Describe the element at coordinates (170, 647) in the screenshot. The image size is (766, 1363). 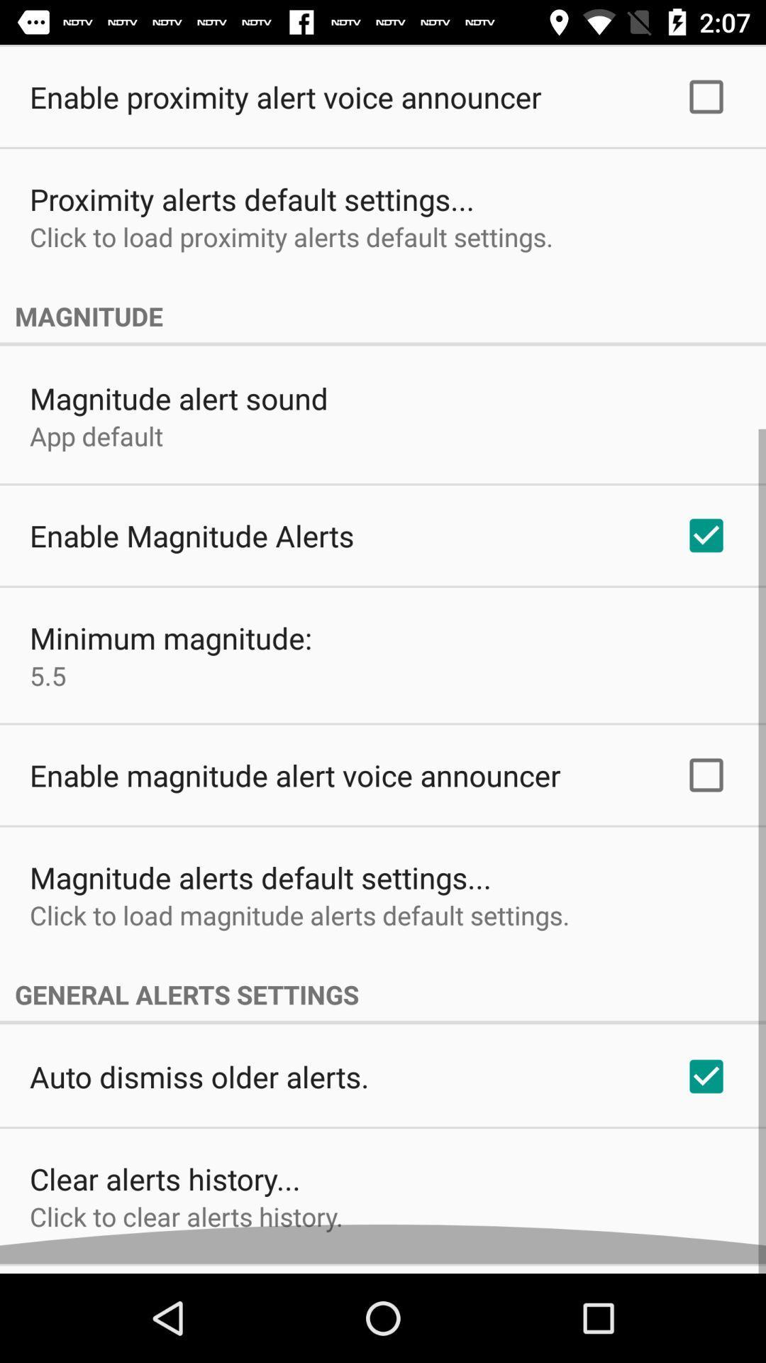
I see `minimum magnitude: item` at that location.